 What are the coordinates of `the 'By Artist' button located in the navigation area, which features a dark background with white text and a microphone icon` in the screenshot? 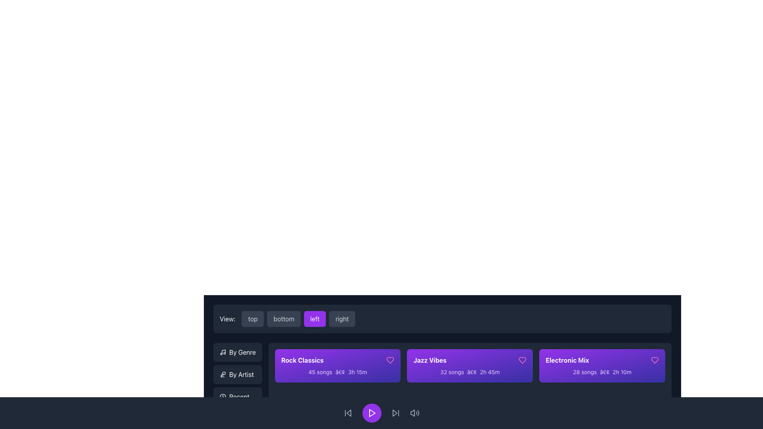 It's located at (237, 374).